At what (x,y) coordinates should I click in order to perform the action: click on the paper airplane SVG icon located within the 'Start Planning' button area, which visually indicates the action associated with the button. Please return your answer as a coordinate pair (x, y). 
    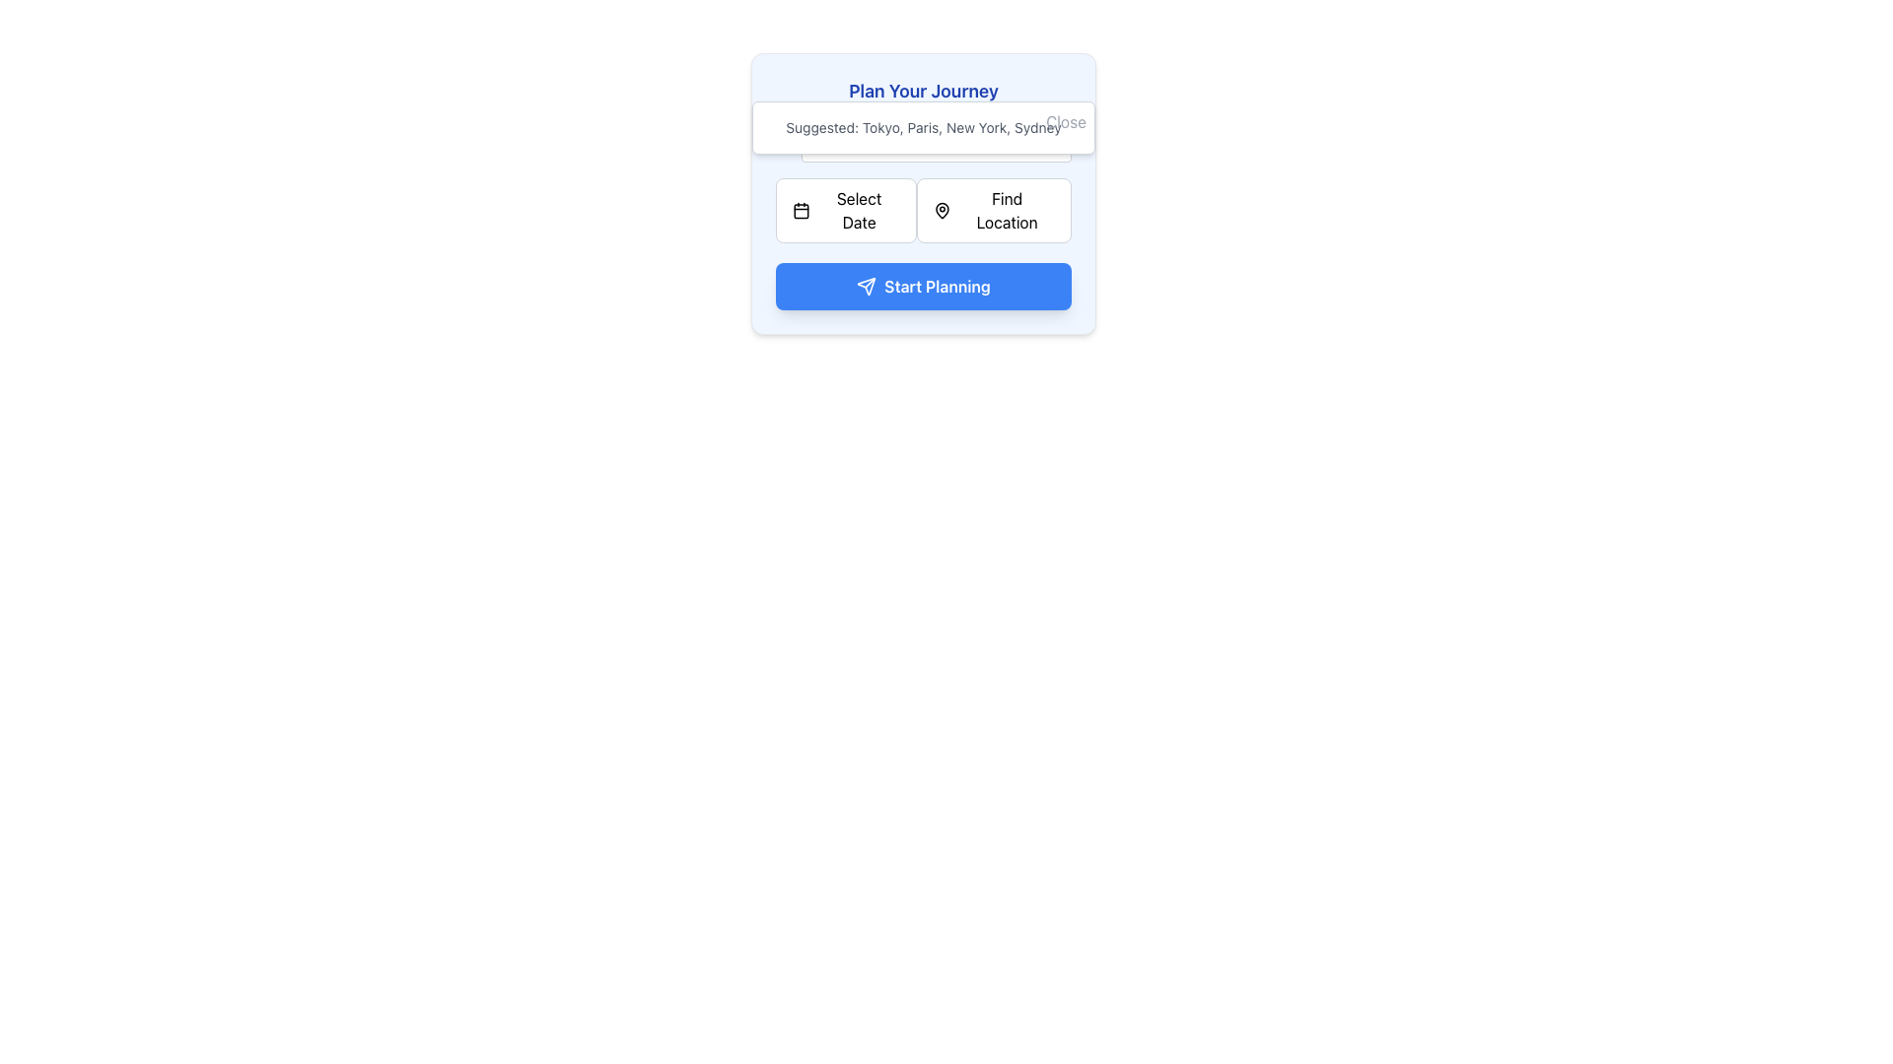
    Looking at the image, I should click on (867, 286).